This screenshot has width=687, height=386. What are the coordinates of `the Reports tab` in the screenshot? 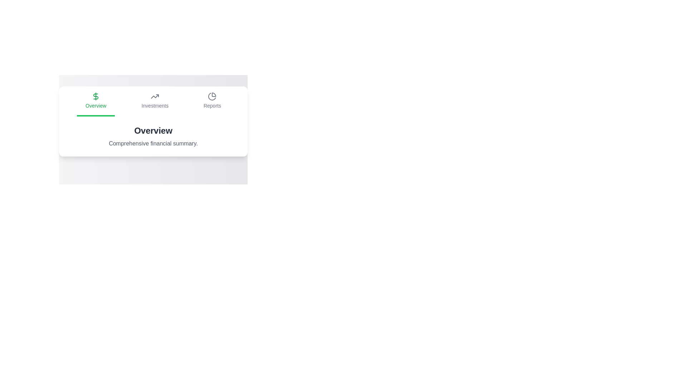 It's located at (212, 102).